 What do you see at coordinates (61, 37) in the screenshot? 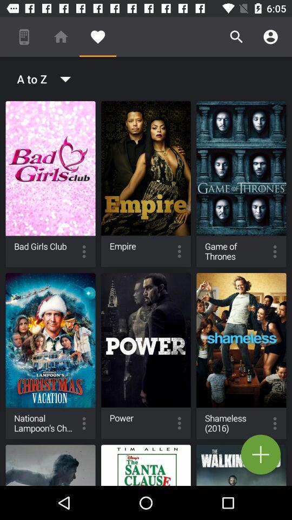
I see `the icon above a to z icon` at bounding box center [61, 37].